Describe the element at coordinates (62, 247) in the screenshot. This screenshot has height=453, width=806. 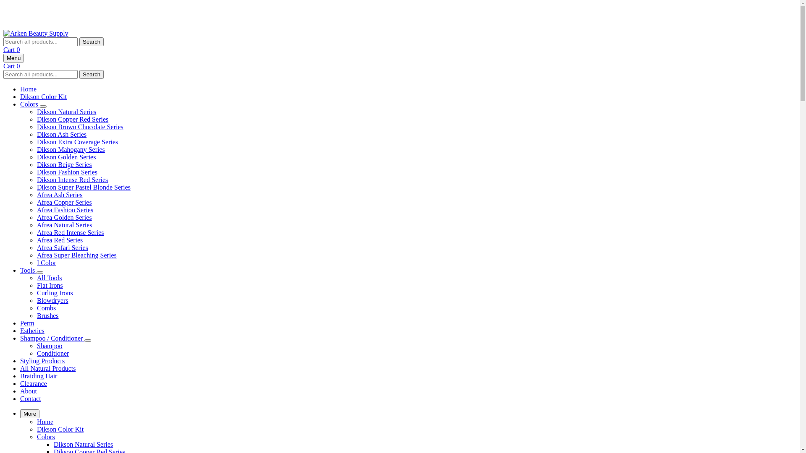
I see `'Afrea Safari Series'` at that location.